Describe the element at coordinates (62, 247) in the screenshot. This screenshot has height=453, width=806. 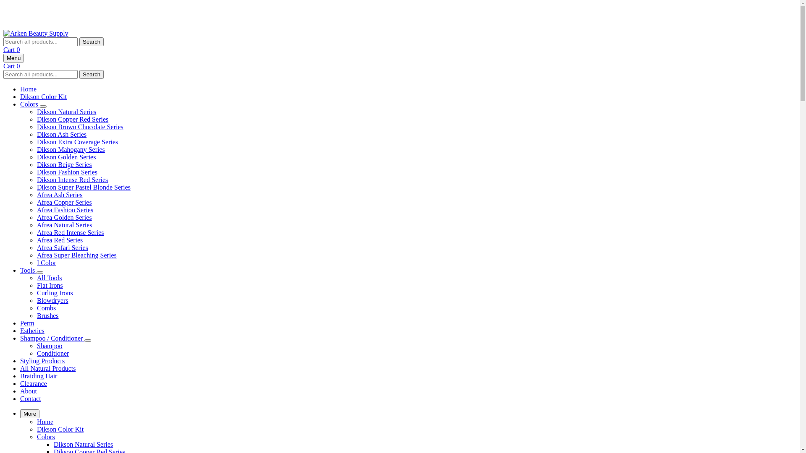
I see `'Afrea Safari Series'` at that location.